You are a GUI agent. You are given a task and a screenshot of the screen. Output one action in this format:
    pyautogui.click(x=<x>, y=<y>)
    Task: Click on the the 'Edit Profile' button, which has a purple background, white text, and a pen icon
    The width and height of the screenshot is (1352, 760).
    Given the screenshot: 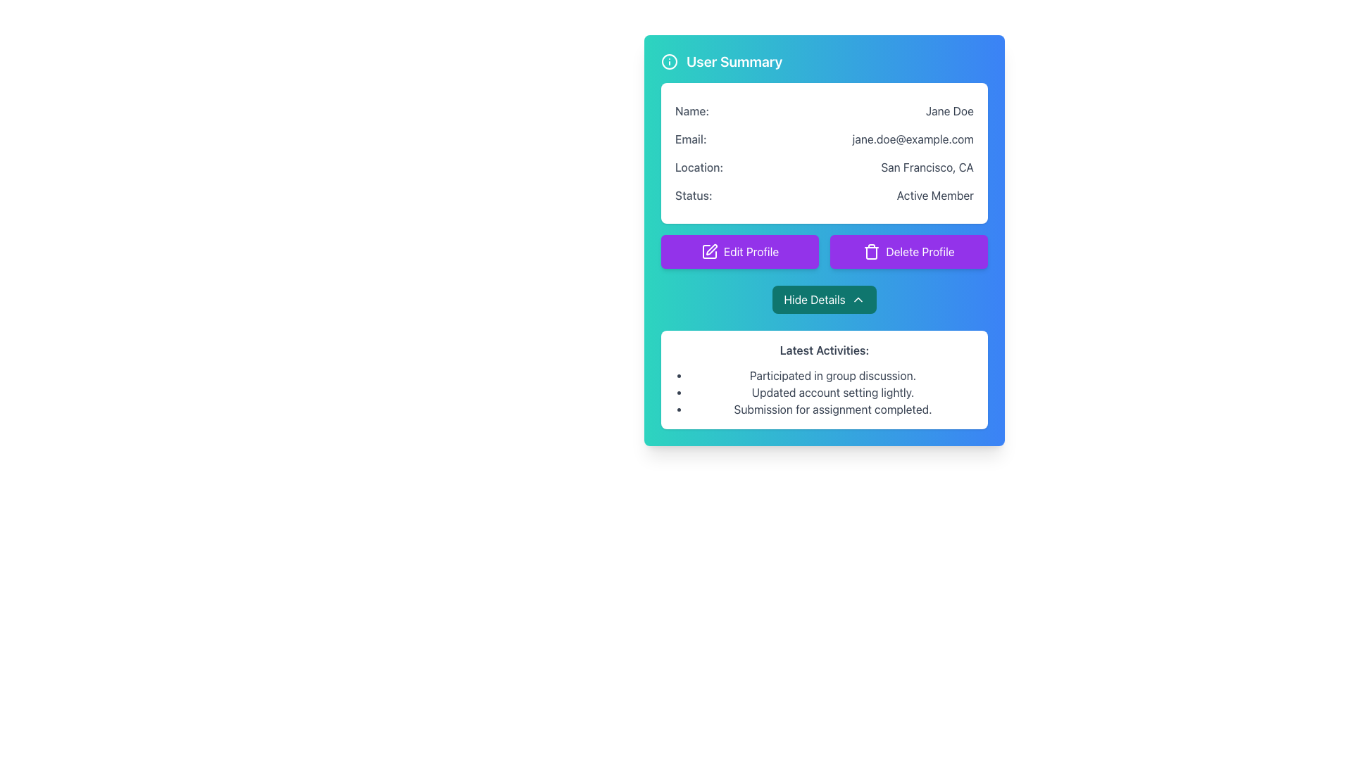 What is the action you would take?
    pyautogui.click(x=739, y=251)
    